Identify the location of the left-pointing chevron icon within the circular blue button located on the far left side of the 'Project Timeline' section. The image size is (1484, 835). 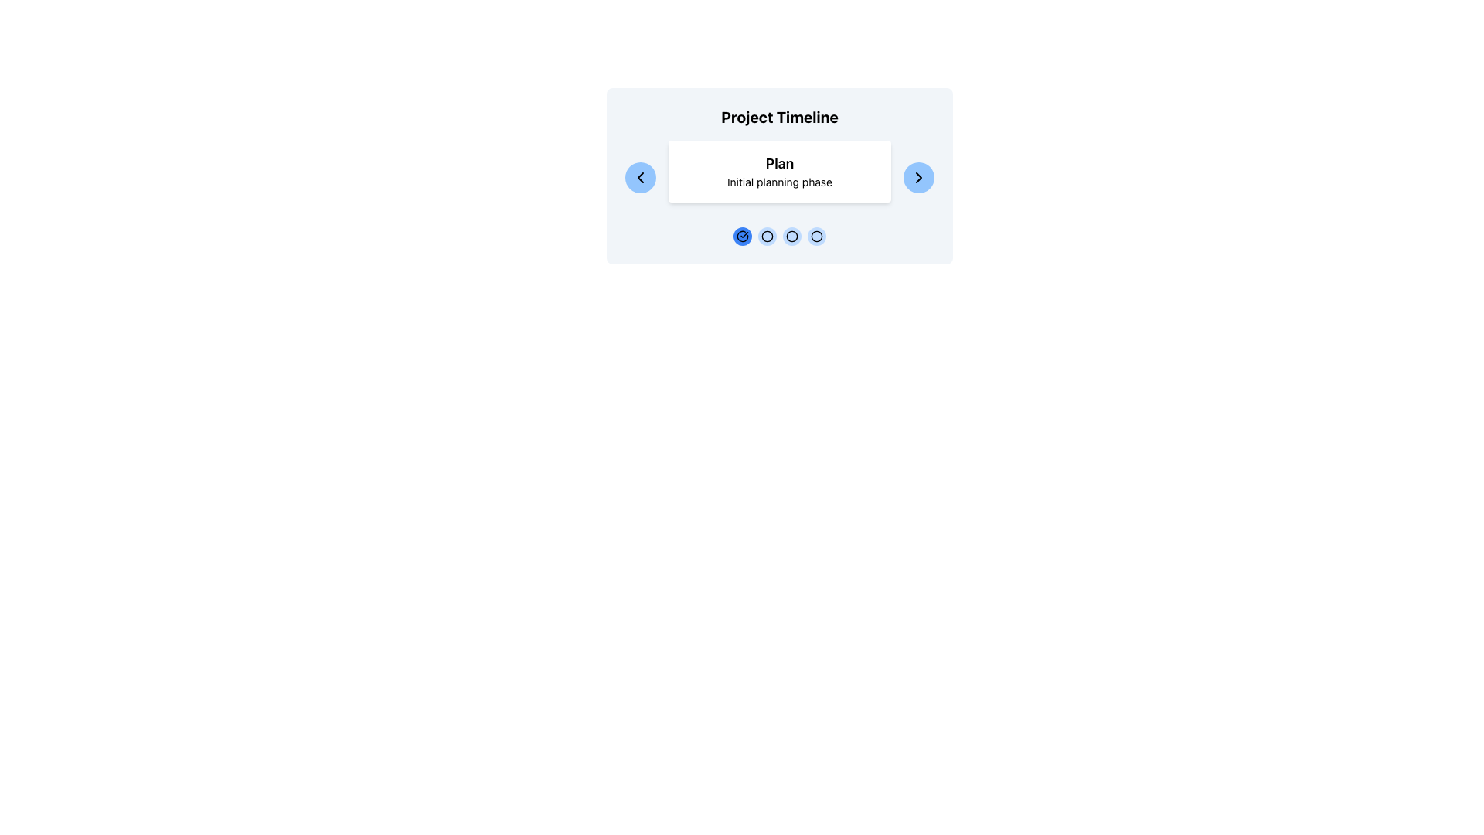
(641, 177).